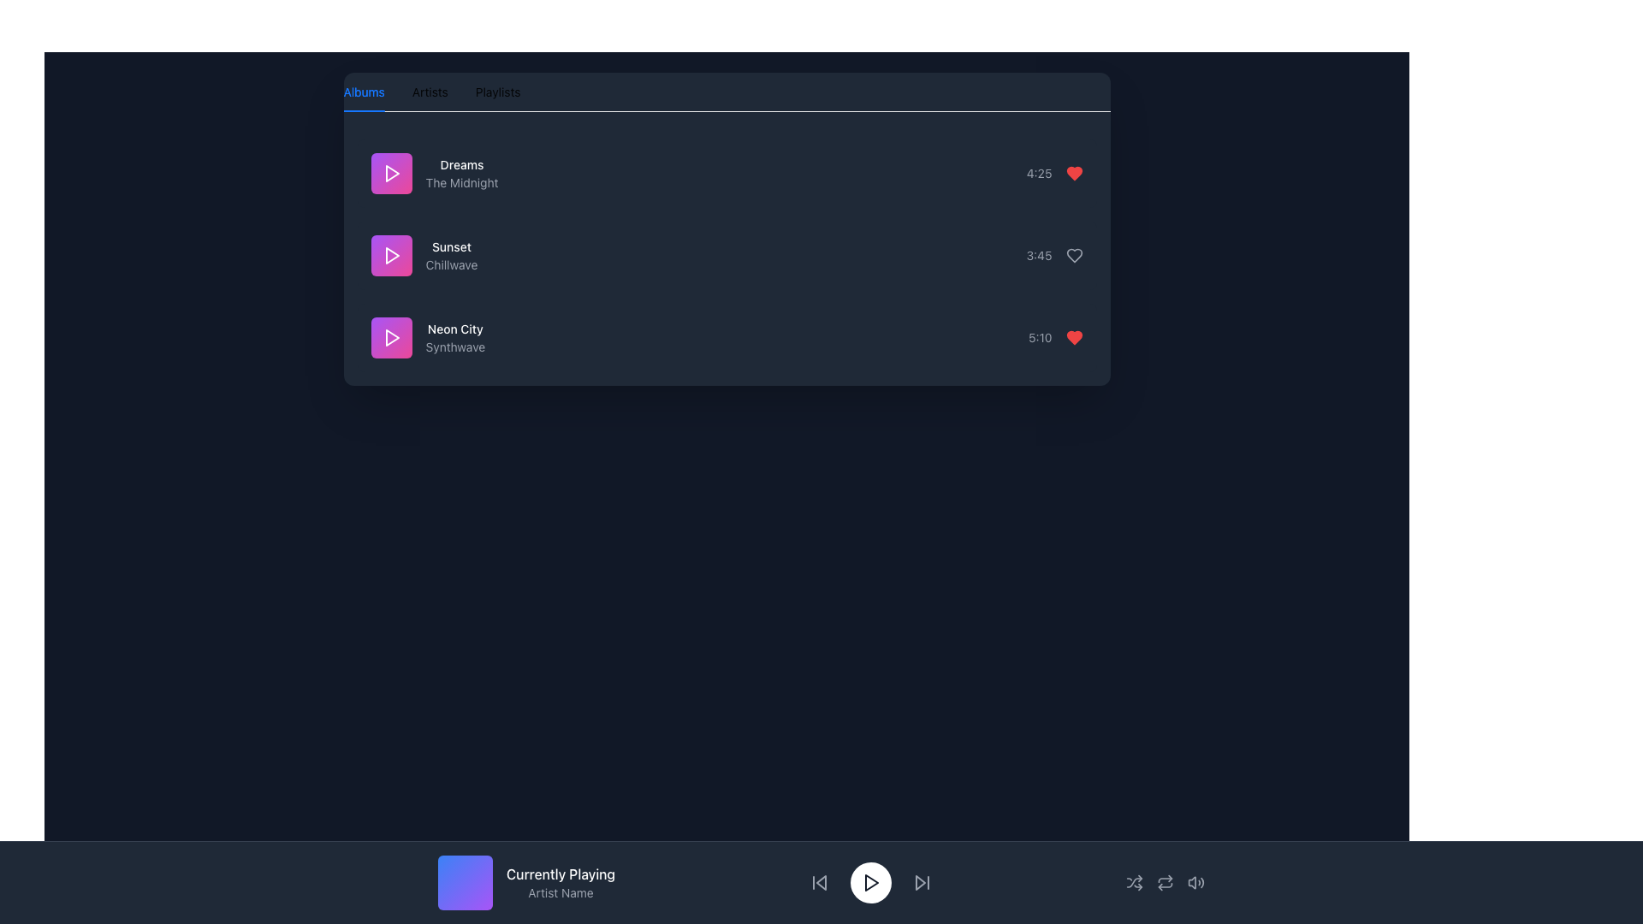 The height and width of the screenshot is (924, 1643). I want to click on the circular play button with a white background and a play icon at its center to play or pause the media, so click(870, 883).